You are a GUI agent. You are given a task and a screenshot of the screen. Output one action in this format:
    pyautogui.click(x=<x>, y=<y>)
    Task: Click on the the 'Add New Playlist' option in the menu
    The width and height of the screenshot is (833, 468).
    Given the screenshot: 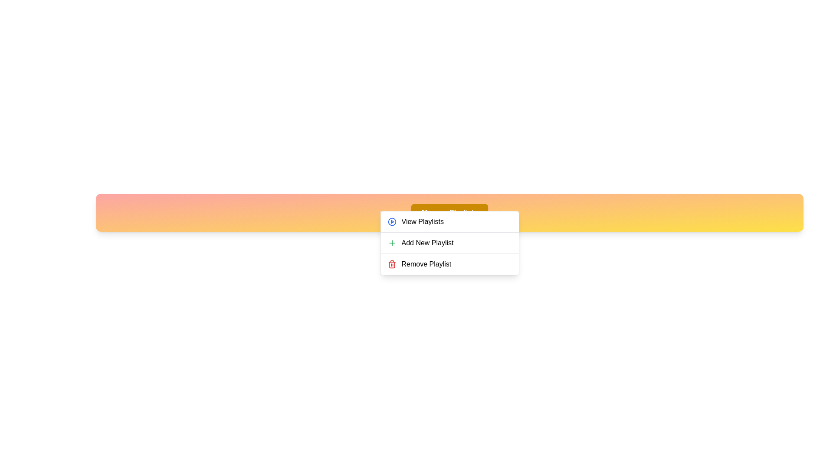 What is the action you would take?
    pyautogui.click(x=449, y=243)
    